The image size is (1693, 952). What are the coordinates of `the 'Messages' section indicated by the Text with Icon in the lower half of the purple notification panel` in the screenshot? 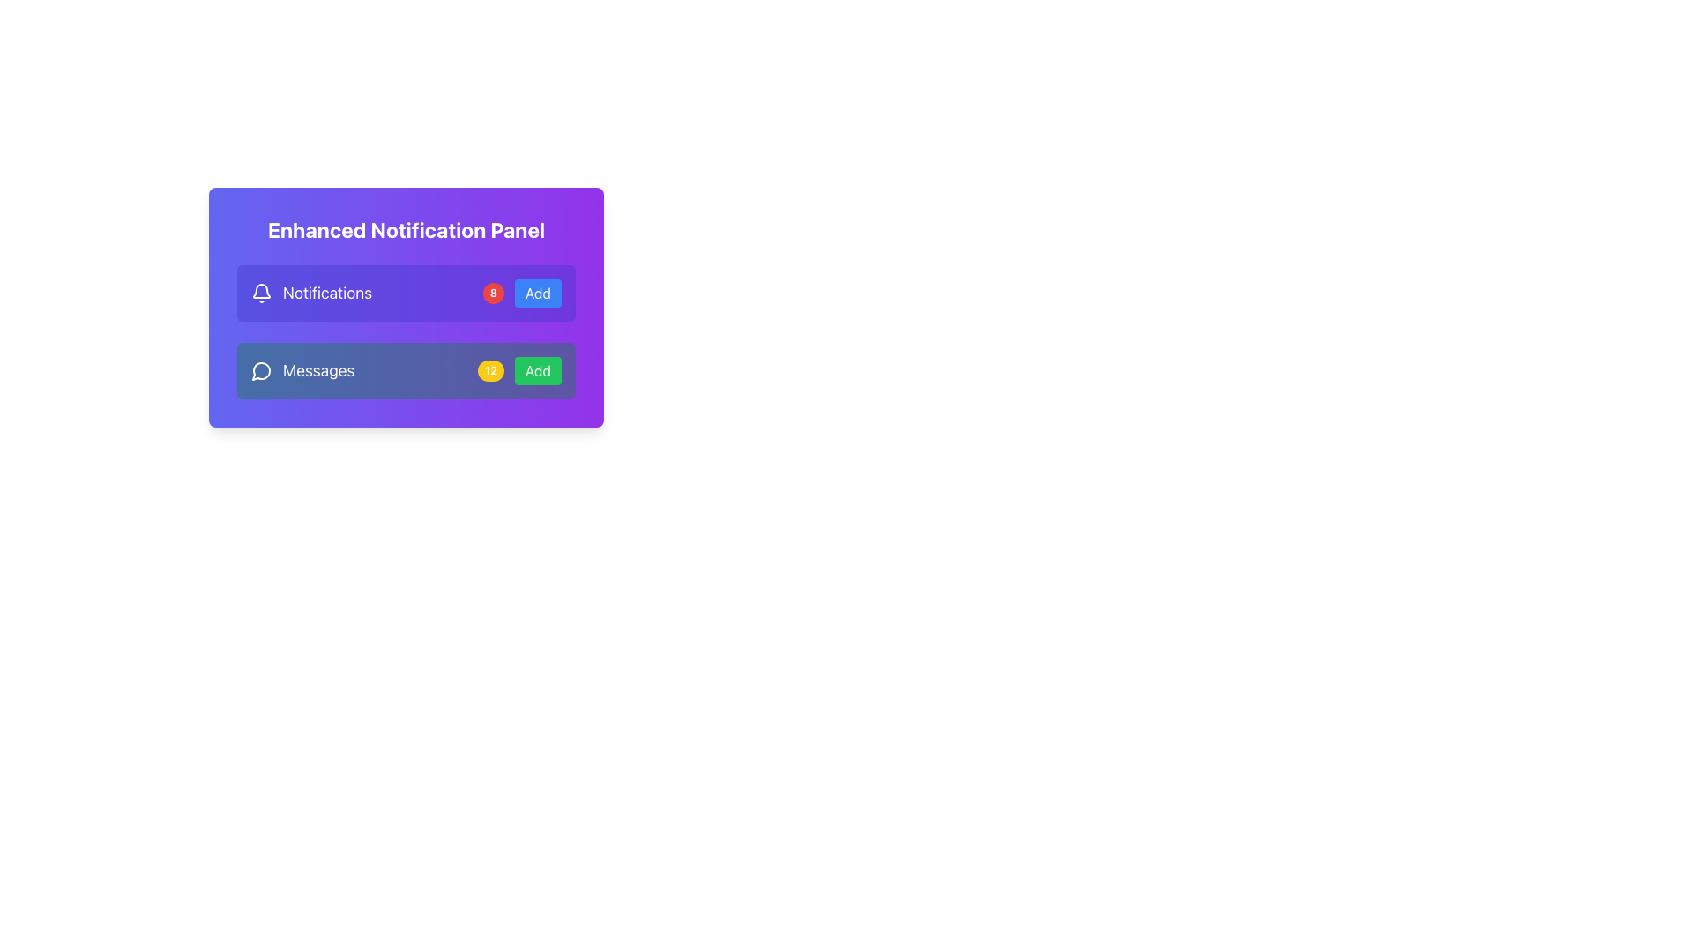 It's located at (302, 369).